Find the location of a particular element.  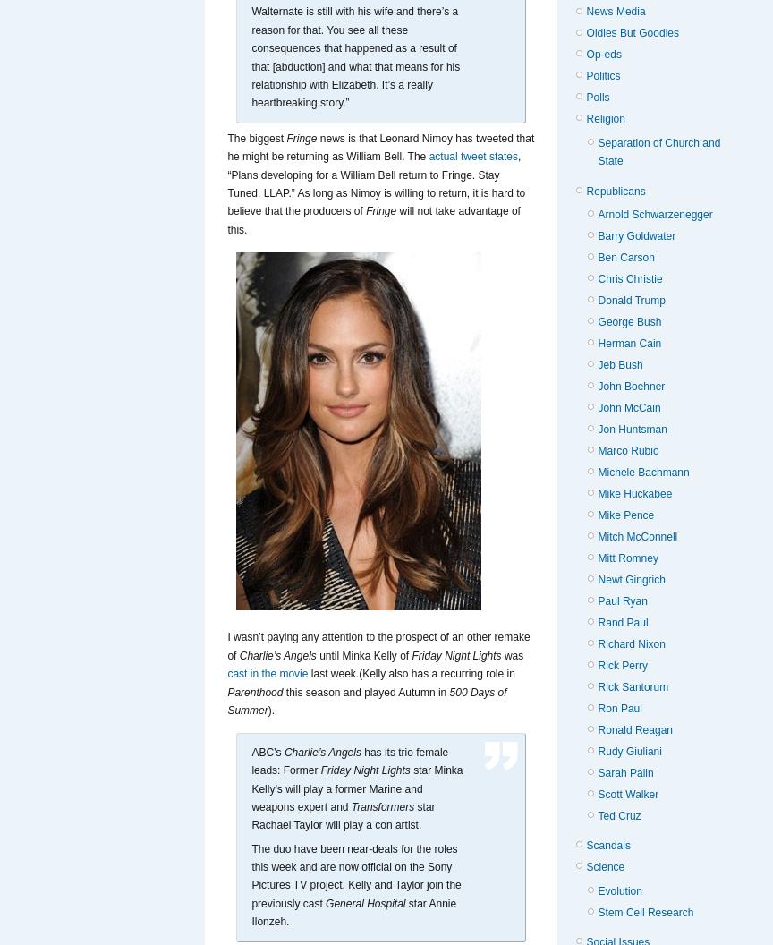

'Herman Cain' is located at coordinates (629, 342).